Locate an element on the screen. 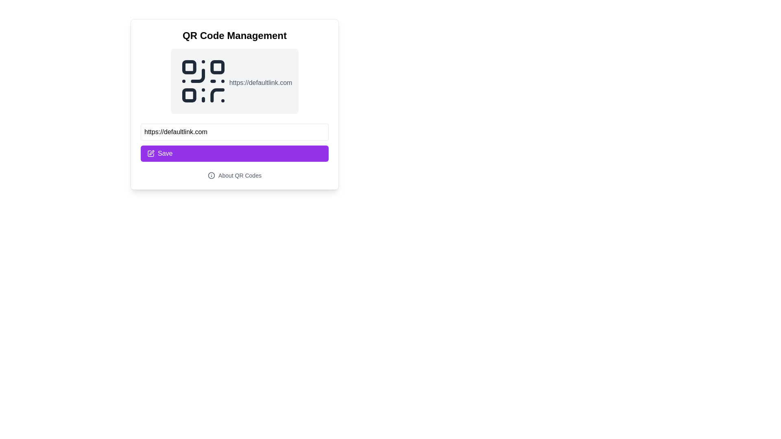  the small black square located in the bottom-left of the QR code representation at the top of the content area is located at coordinates (189, 95).